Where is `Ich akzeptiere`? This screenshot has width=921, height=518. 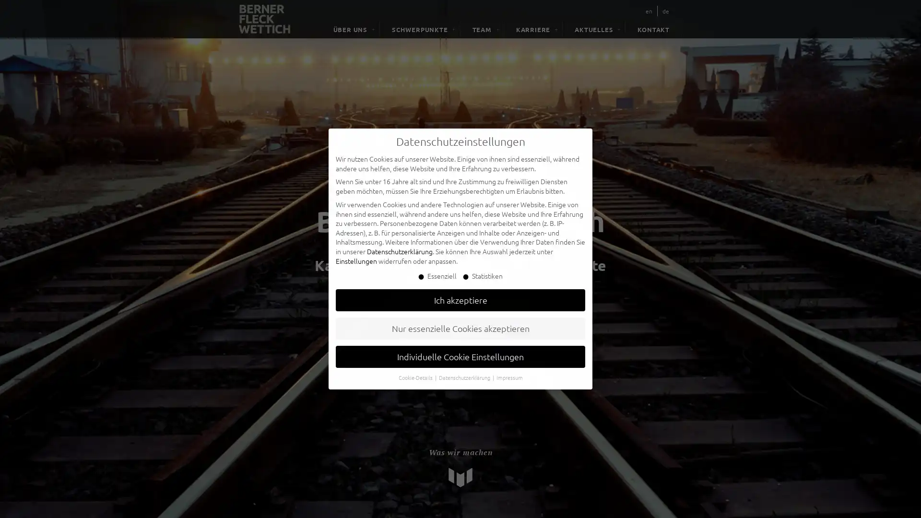 Ich akzeptiere is located at coordinates (460, 299).